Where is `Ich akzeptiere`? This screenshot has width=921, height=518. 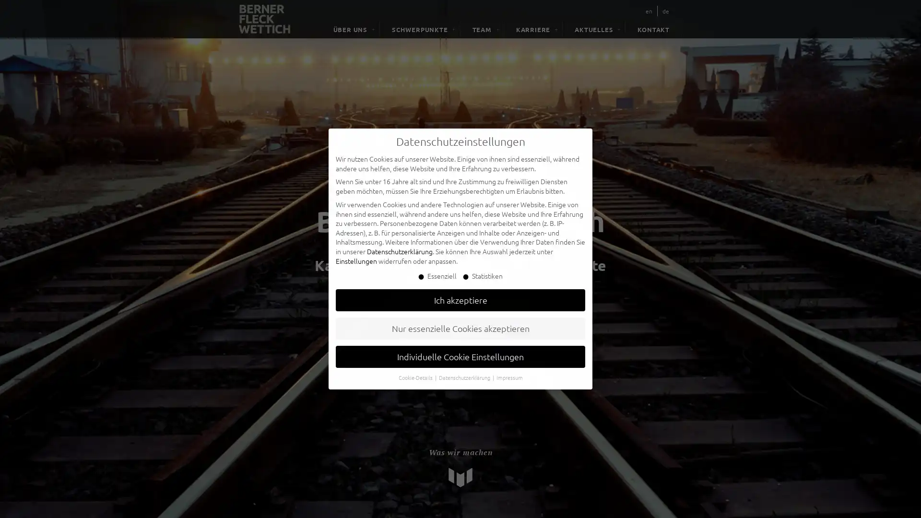 Ich akzeptiere is located at coordinates (460, 299).